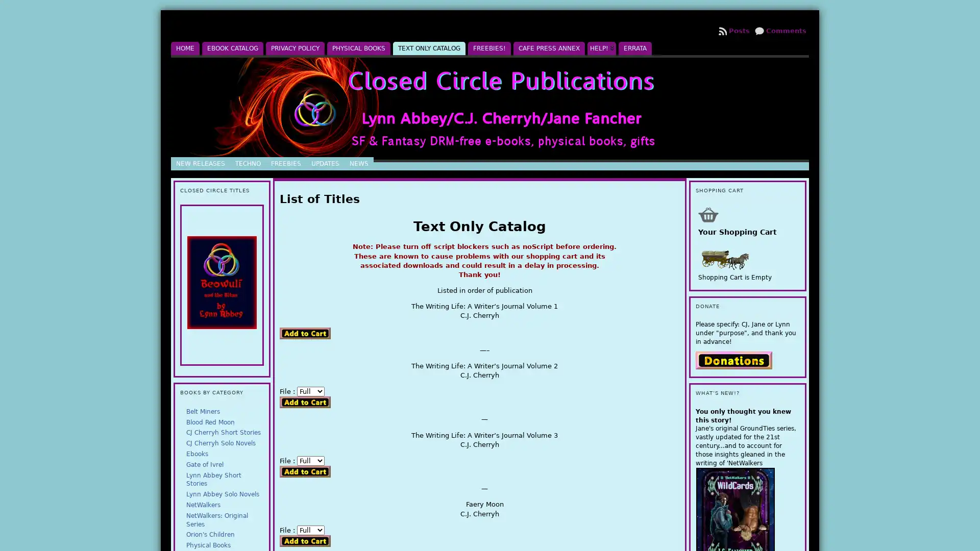 The image size is (980, 551). Describe the element at coordinates (305, 333) in the screenshot. I see `Add to Cart` at that location.